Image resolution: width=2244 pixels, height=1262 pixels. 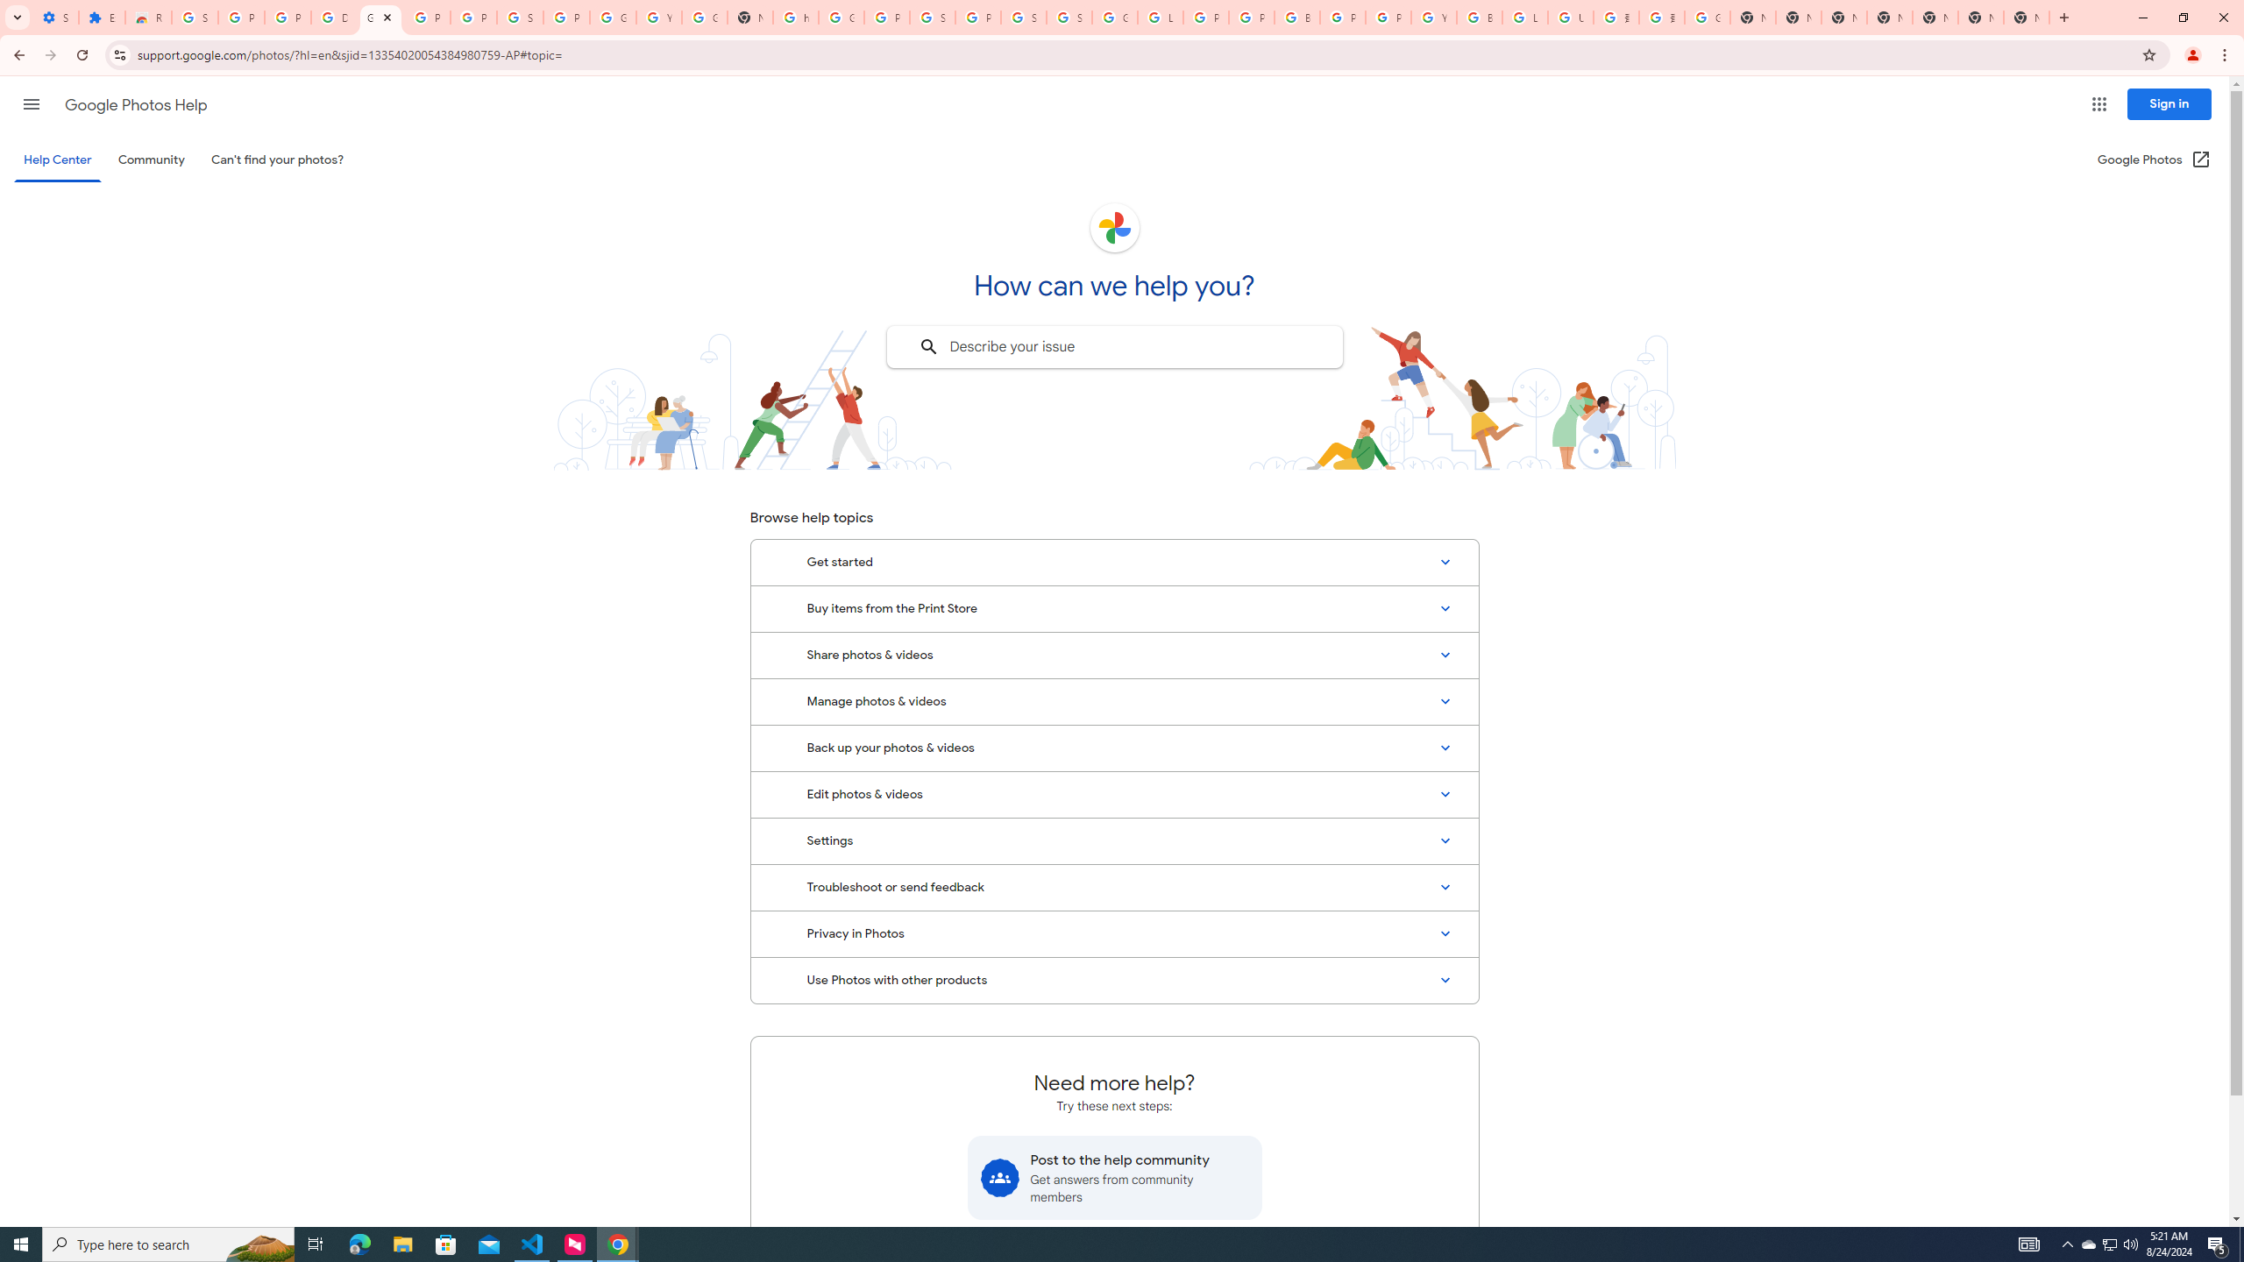 I want to click on 'Back up your photos & videos', so click(x=1114, y=748).